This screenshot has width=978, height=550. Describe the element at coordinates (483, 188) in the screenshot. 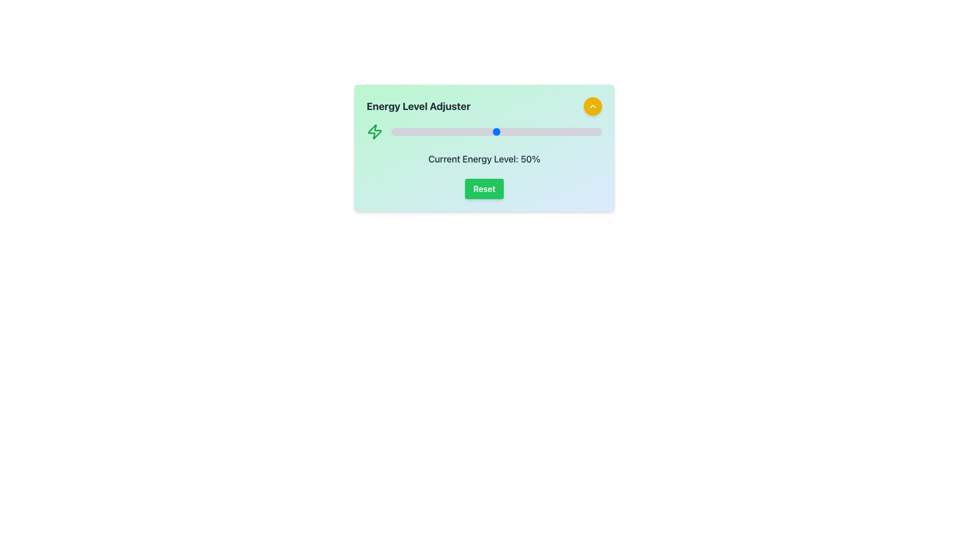

I see `the reset button located beneath the 'Current Energy Level: 50%' text` at that location.